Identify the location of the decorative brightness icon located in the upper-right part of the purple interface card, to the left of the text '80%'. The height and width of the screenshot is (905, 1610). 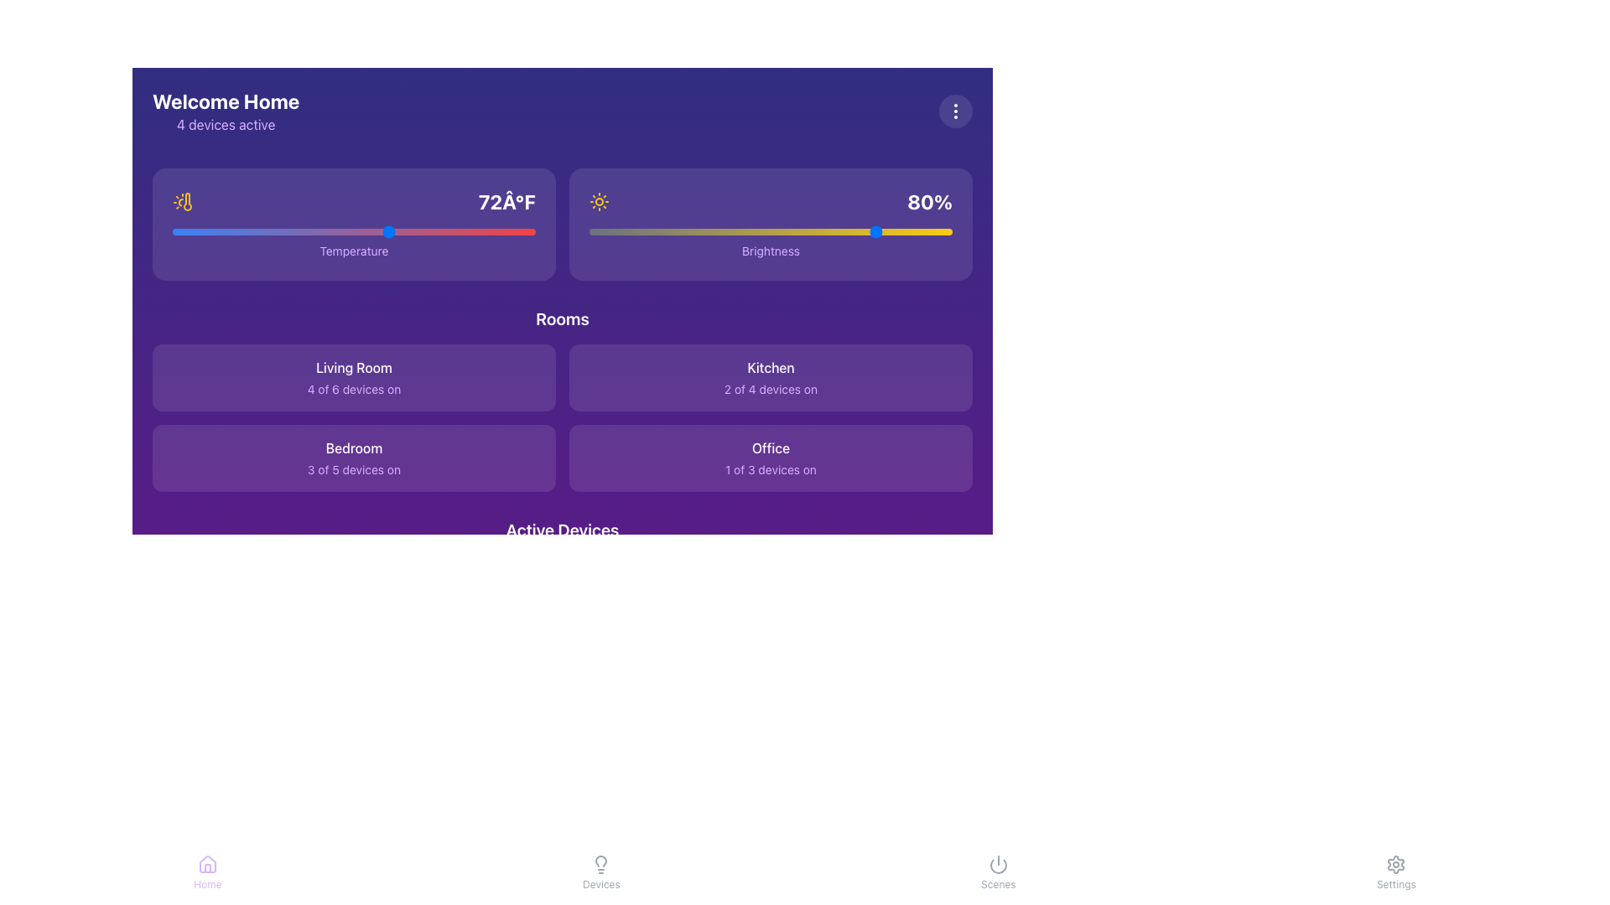
(600, 200).